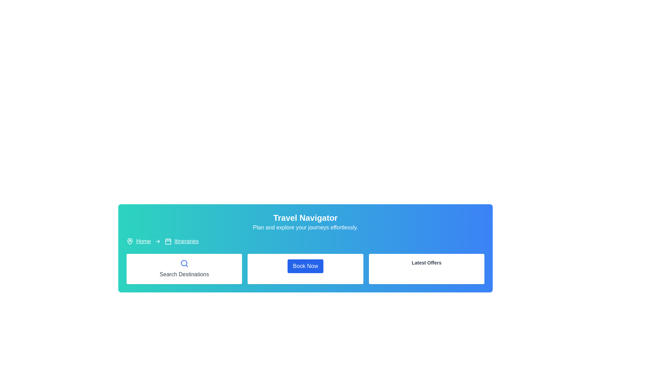 This screenshot has height=372, width=662. I want to click on the interactive link with a calendar icon and the text 'Itineraries', so click(181, 241).